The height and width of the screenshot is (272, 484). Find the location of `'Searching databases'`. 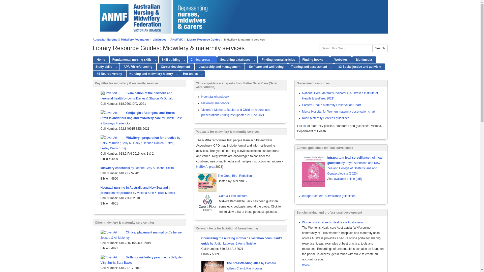

'Searching databases' is located at coordinates (217, 59).